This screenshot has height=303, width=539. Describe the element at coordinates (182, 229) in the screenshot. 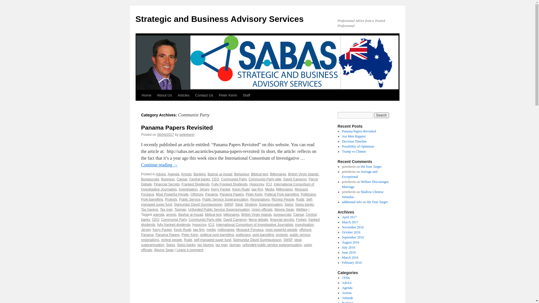

I see `'Kevin Rudd'` at that location.